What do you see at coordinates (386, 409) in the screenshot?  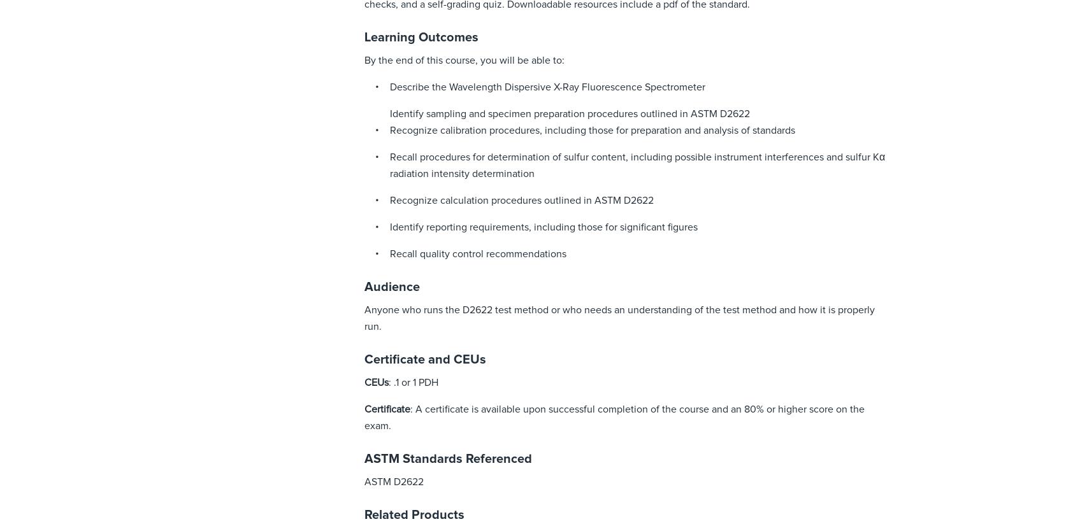 I see `'Certificate'` at bounding box center [386, 409].